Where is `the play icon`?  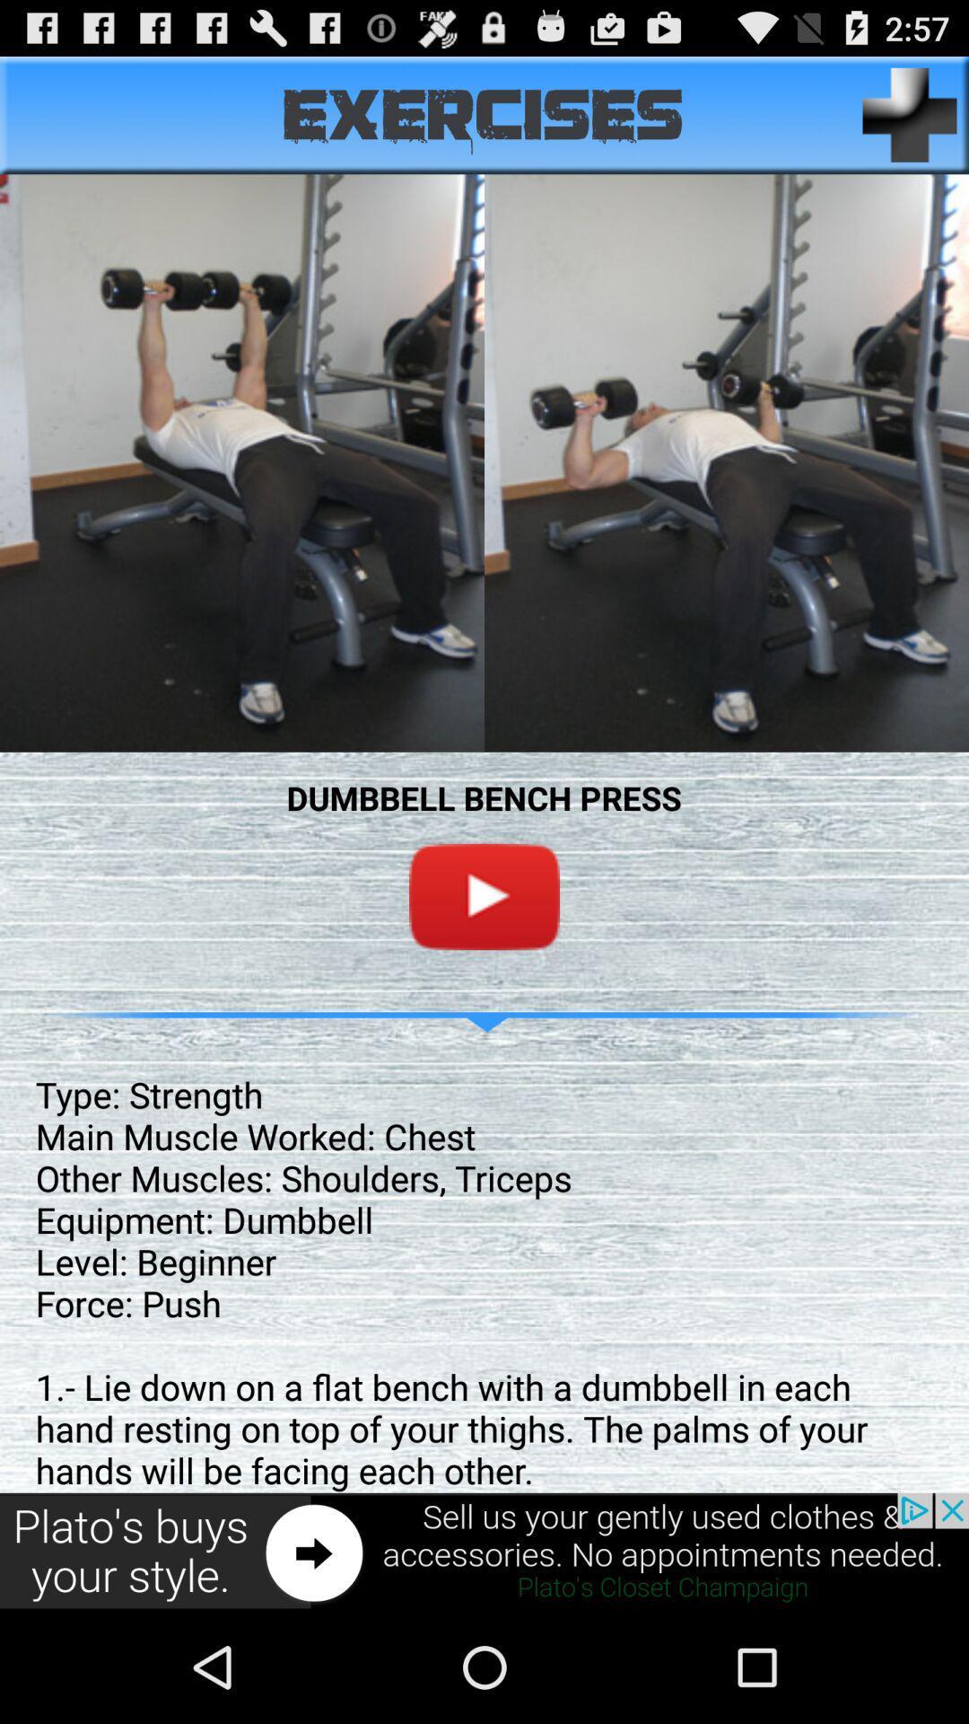 the play icon is located at coordinates (484, 959).